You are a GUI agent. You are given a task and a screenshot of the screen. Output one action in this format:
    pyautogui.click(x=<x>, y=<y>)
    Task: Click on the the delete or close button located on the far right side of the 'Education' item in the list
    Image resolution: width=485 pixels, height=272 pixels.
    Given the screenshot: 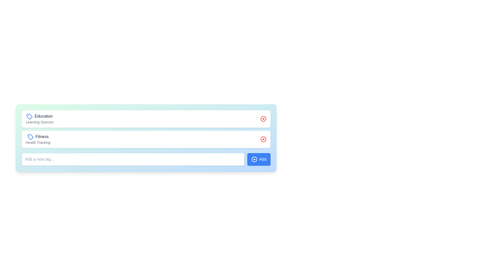 What is the action you would take?
    pyautogui.click(x=263, y=119)
    